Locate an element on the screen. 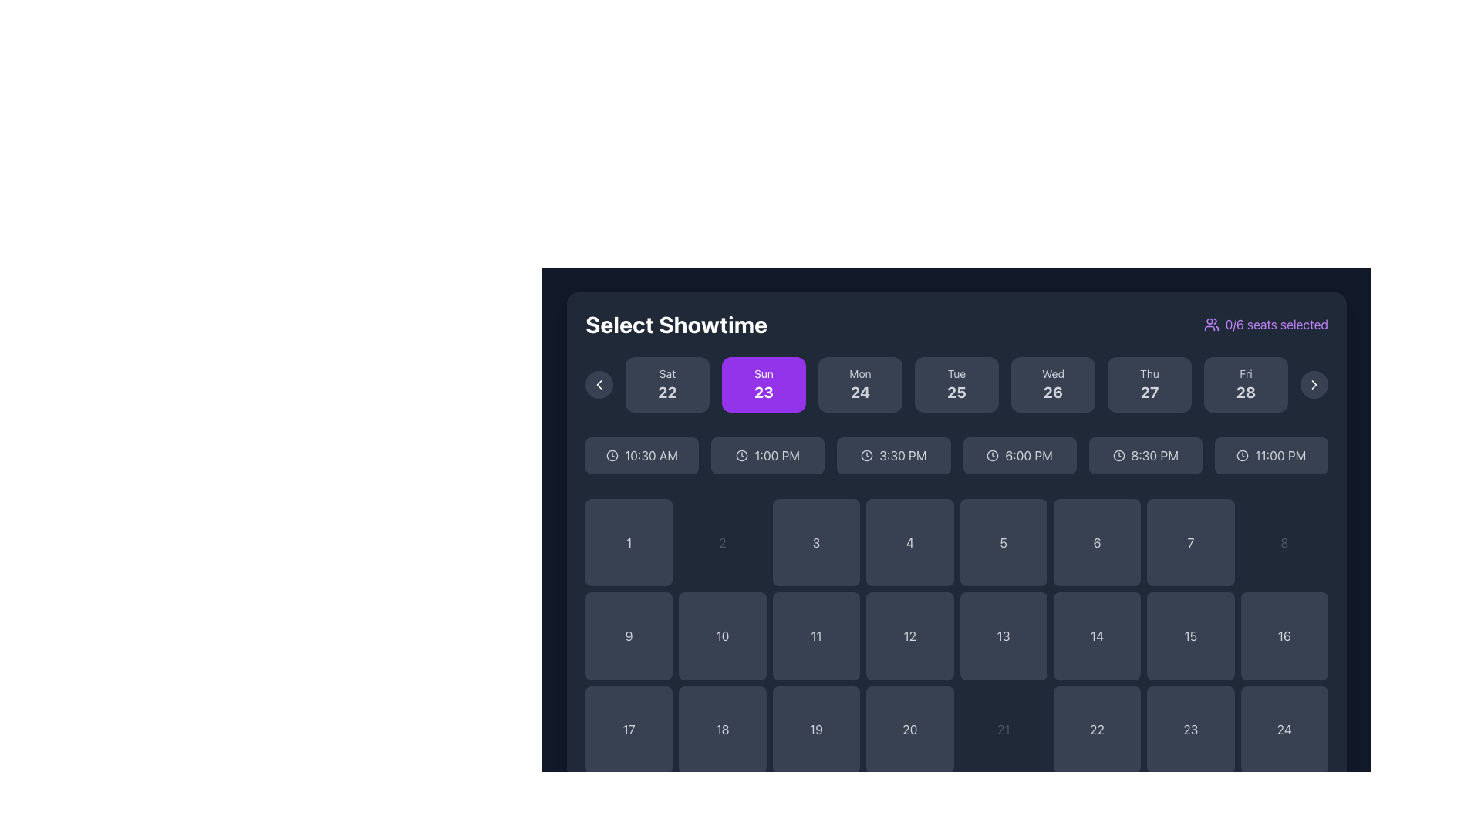  the square-shaped button with rounded corners that contains the number '9' in light gray text, located in the second row, first column of the grid layout is located at coordinates (629, 636).